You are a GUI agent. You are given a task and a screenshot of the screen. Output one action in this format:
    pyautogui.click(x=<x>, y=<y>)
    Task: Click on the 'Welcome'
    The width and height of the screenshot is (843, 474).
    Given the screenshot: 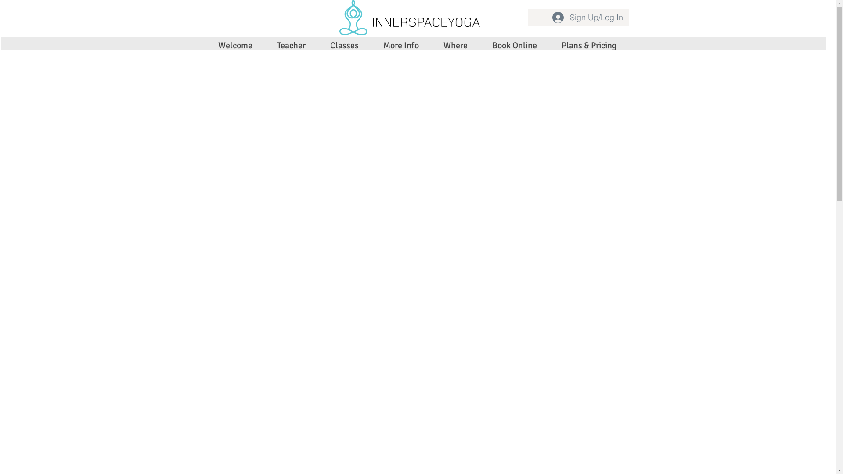 What is the action you would take?
    pyautogui.click(x=235, y=46)
    